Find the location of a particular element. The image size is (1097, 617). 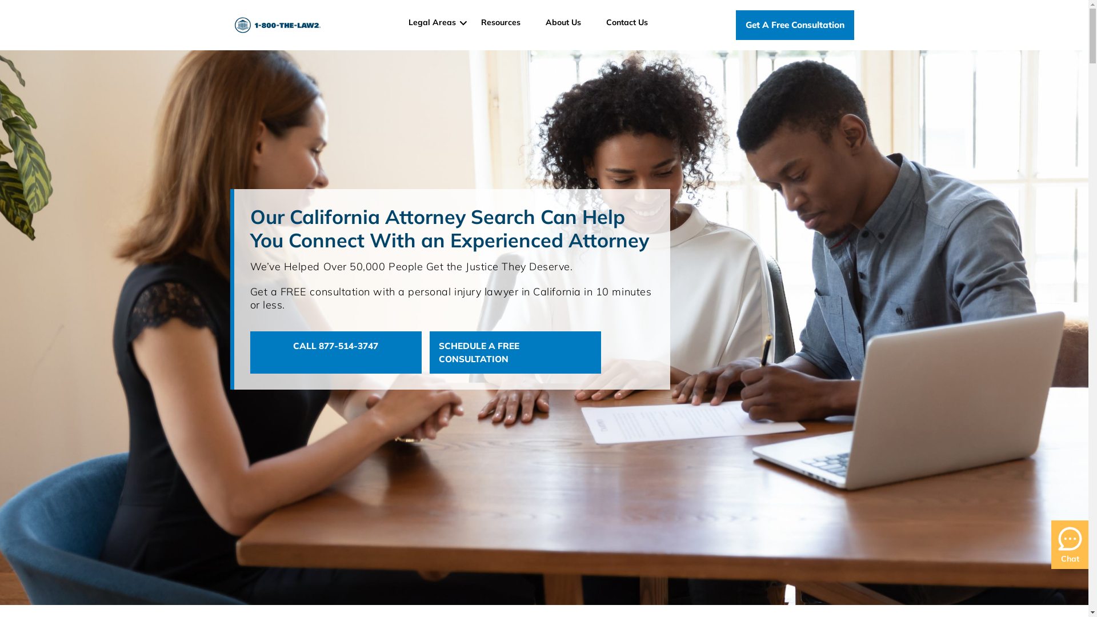

'Get A Free Consultation' is located at coordinates (735, 25).